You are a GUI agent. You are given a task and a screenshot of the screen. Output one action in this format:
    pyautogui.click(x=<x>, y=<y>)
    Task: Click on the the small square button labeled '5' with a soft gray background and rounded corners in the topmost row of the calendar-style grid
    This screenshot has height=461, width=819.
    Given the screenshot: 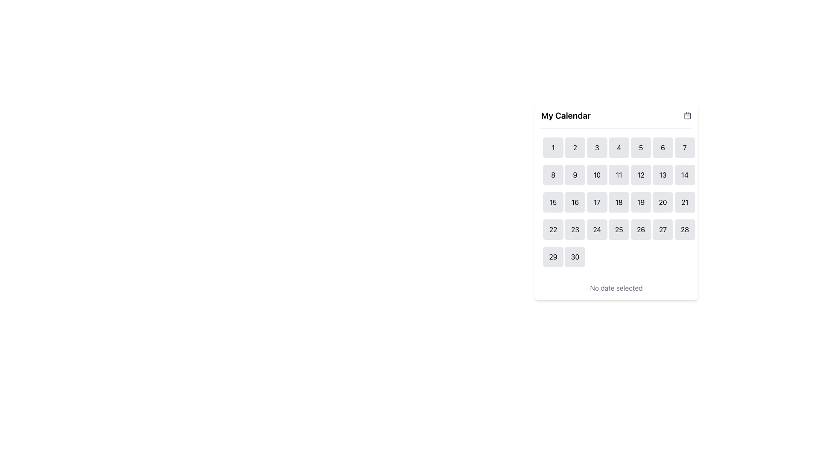 What is the action you would take?
    pyautogui.click(x=641, y=147)
    